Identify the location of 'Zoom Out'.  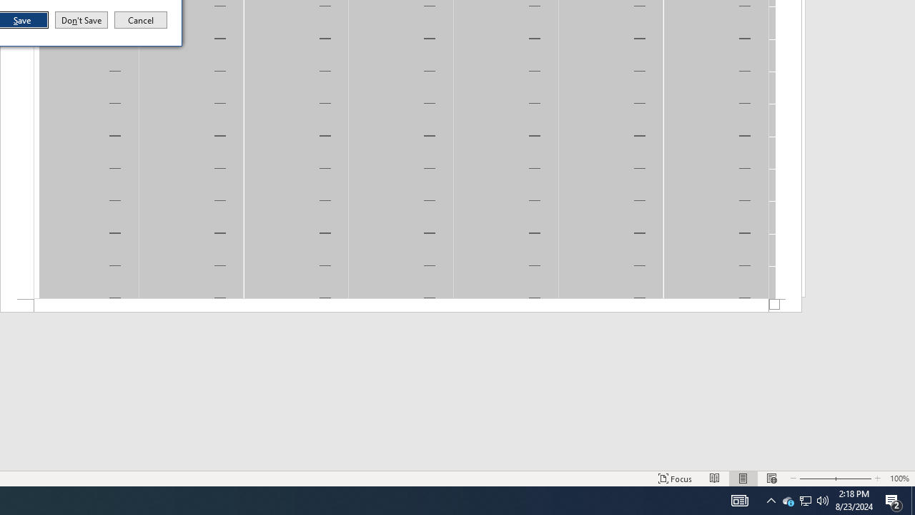
(823, 499).